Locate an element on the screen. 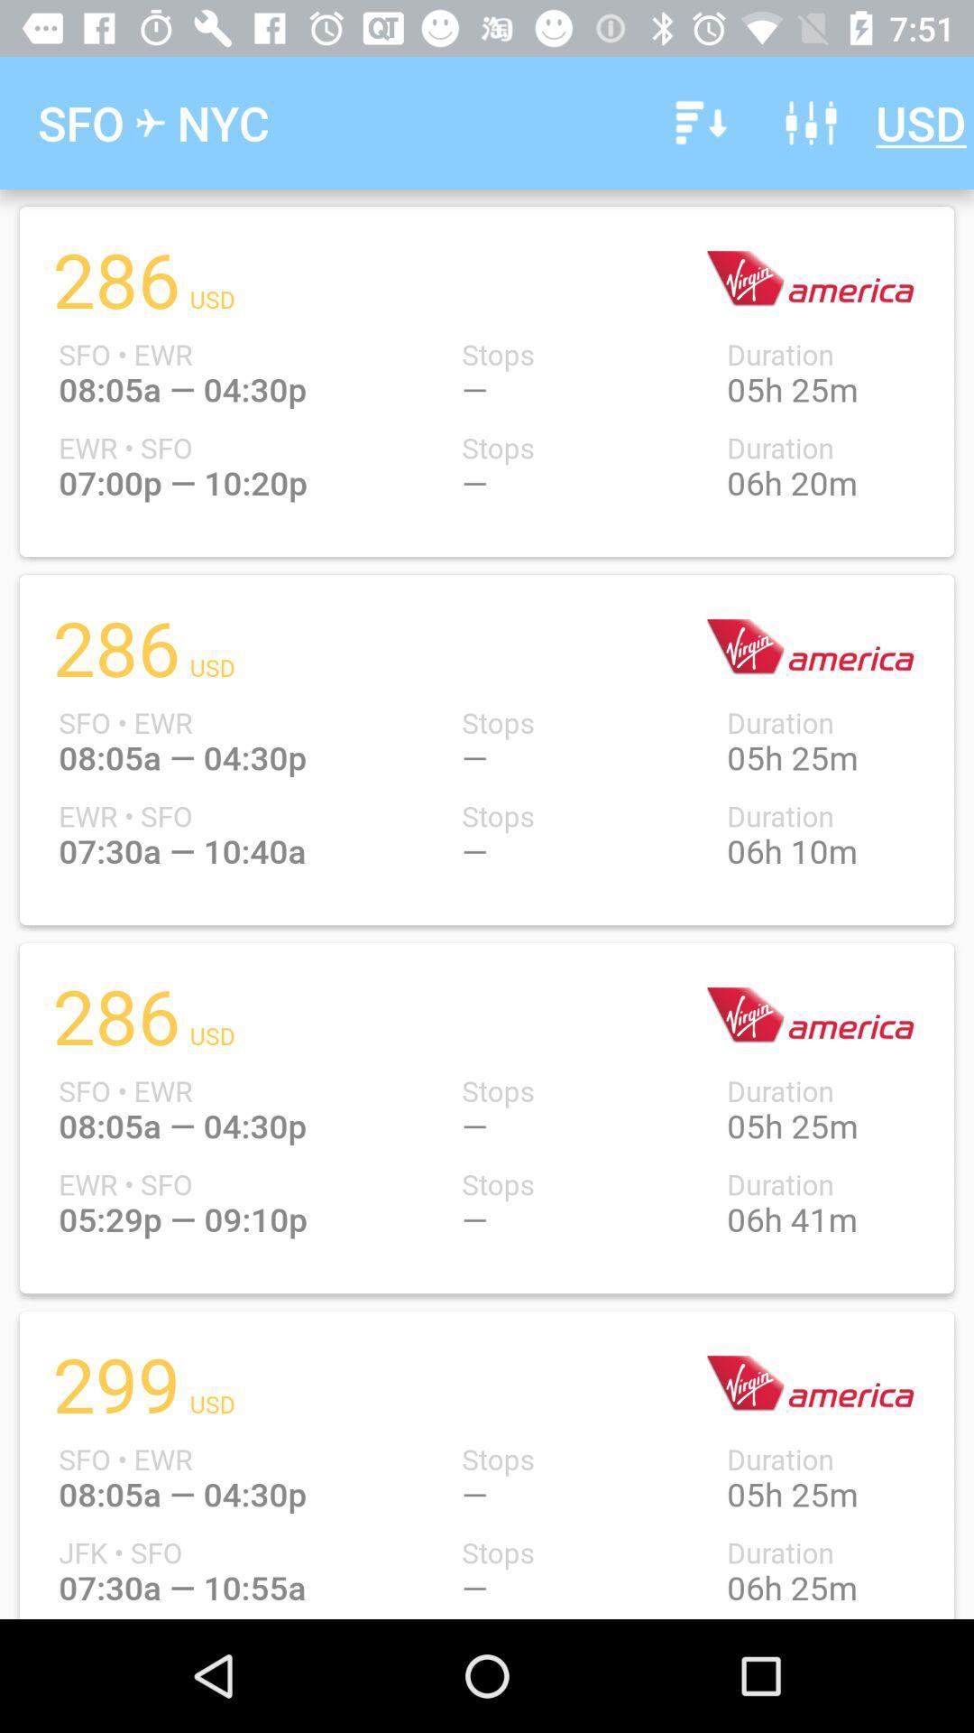 This screenshot has height=1733, width=974. the item next to the nyc item is located at coordinates (697, 122).